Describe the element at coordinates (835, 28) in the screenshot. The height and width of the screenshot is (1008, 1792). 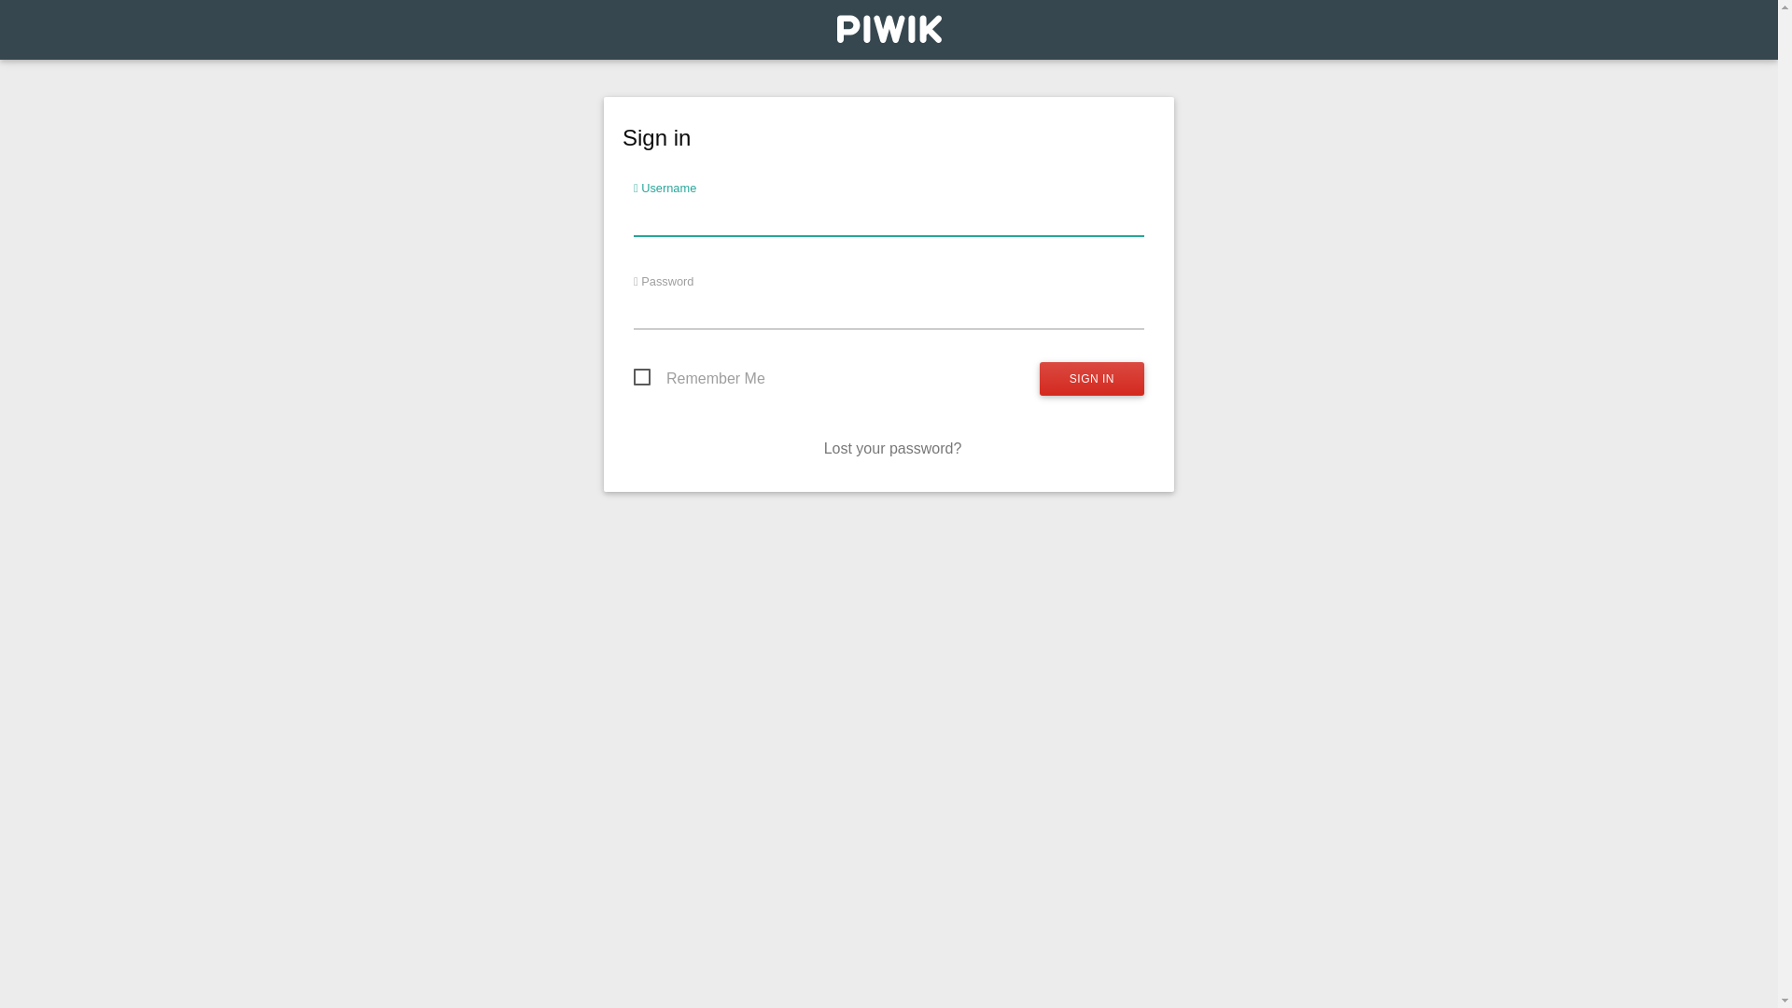
I see `'Web analytics'` at that location.